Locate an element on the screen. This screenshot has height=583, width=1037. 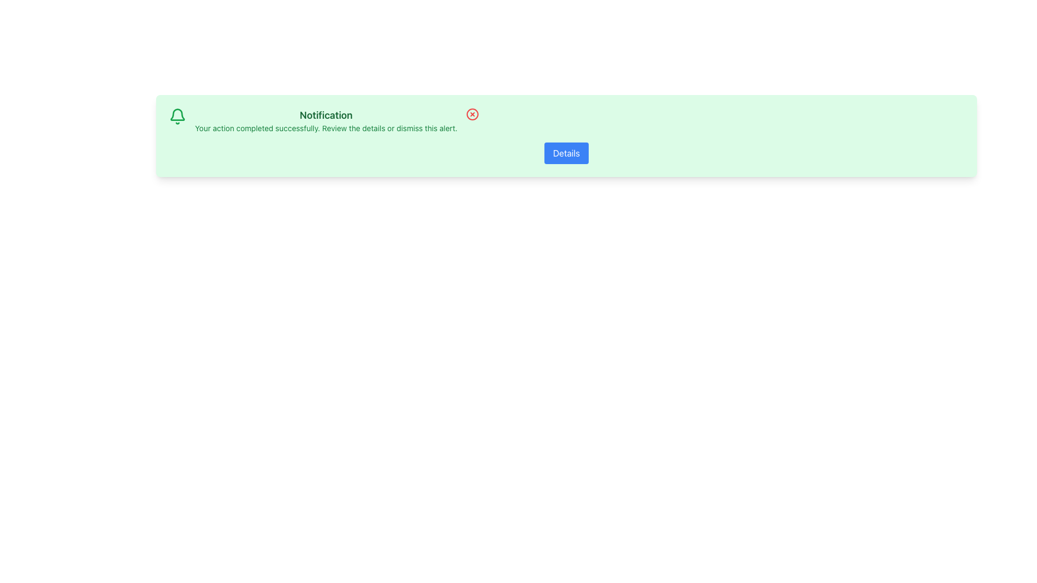
the button located at the bottom-right of the green notification box to observe a visual change is located at coordinates (566, 153).